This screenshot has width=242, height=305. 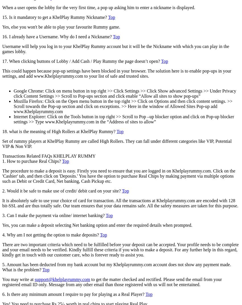 What do you see at coordinates (59, 131) in the screenshot?
I see `'18. what is the meaning of High Rollers at KhelPlay Rummy?'` at bounding box center [59, 131].